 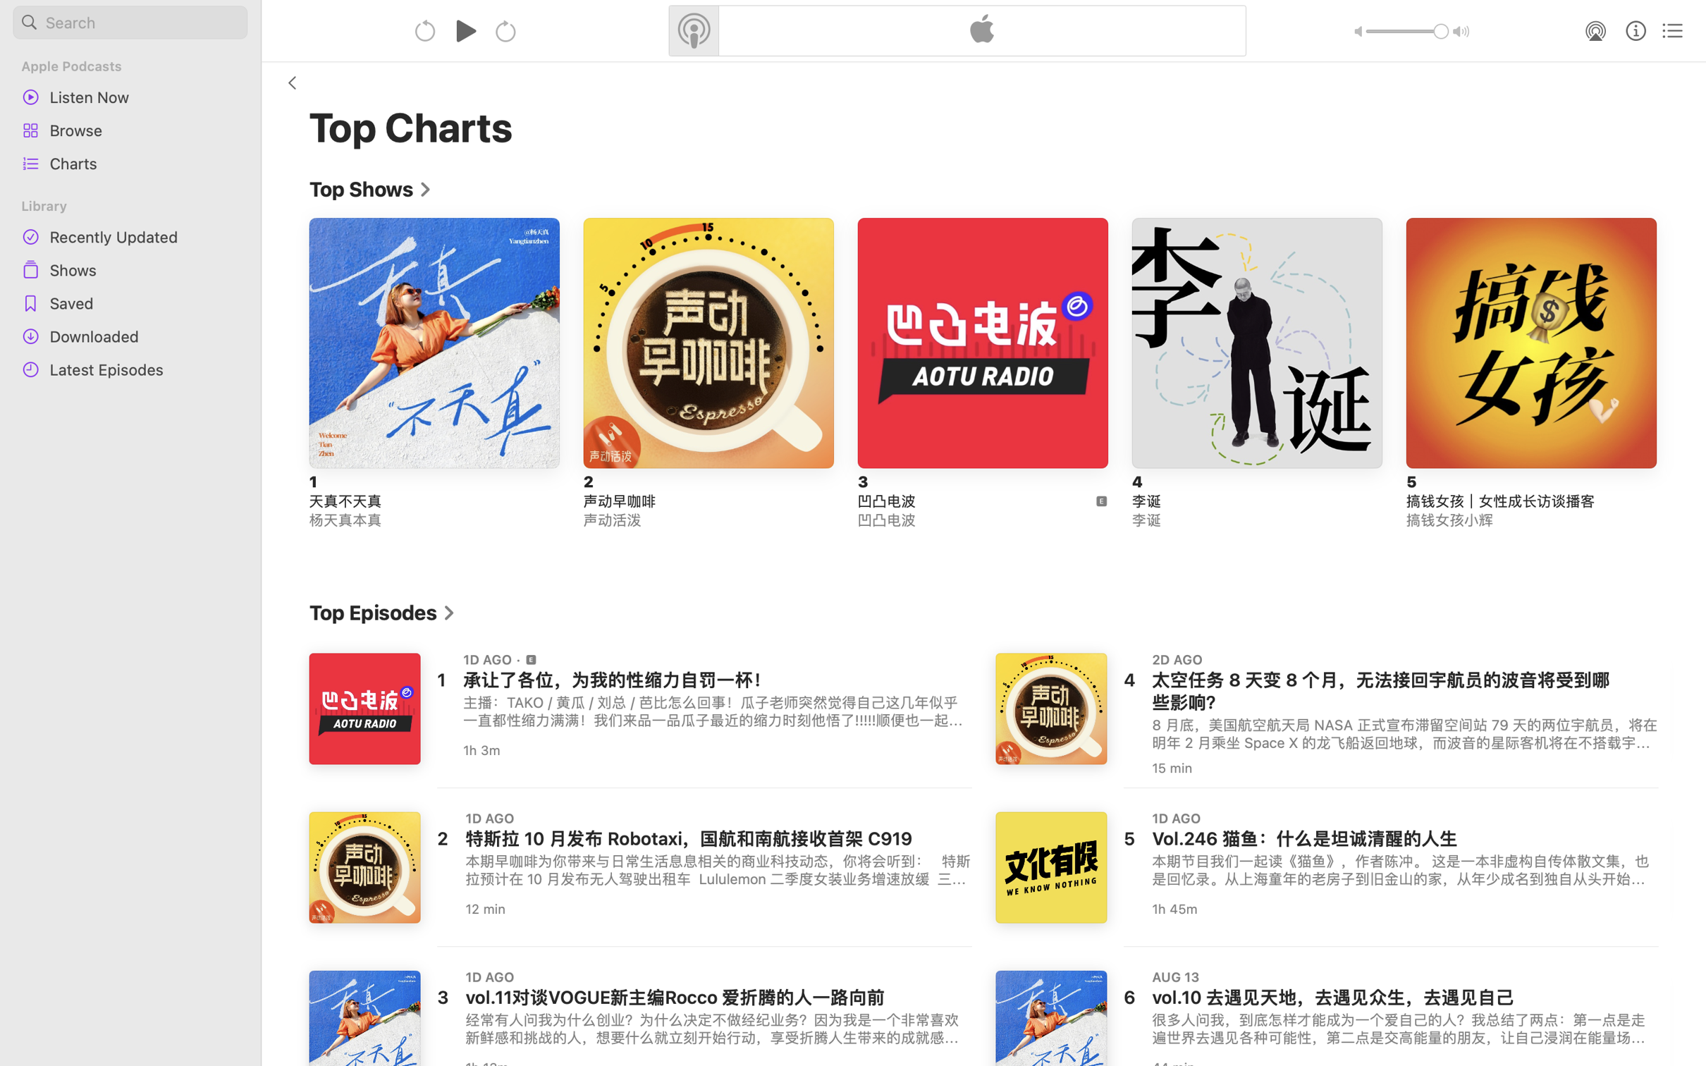 I want to click on '1.0', so click(x=1407, y=31).